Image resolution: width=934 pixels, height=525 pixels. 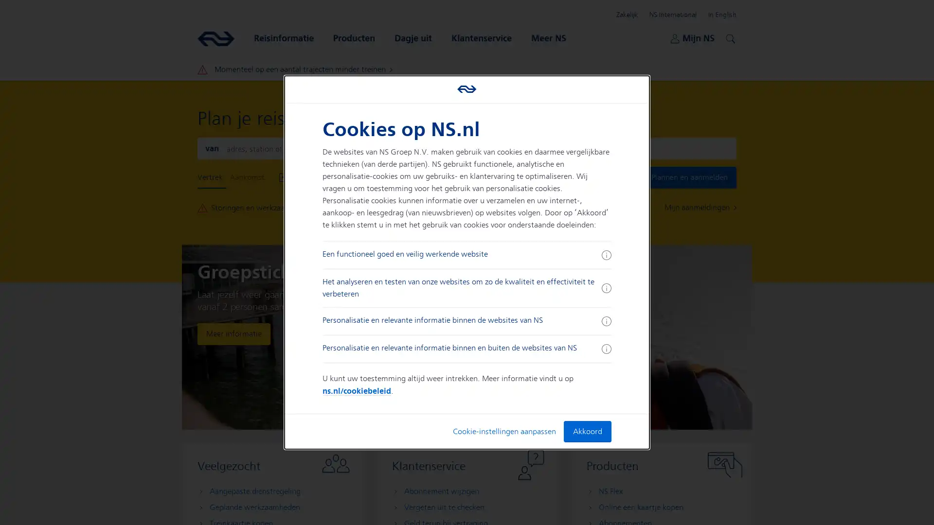 What do you see at coordinates (606, 288) in the screenshot?
I see `Meer informatie ingeklapt` at bounding box center [606, 288].